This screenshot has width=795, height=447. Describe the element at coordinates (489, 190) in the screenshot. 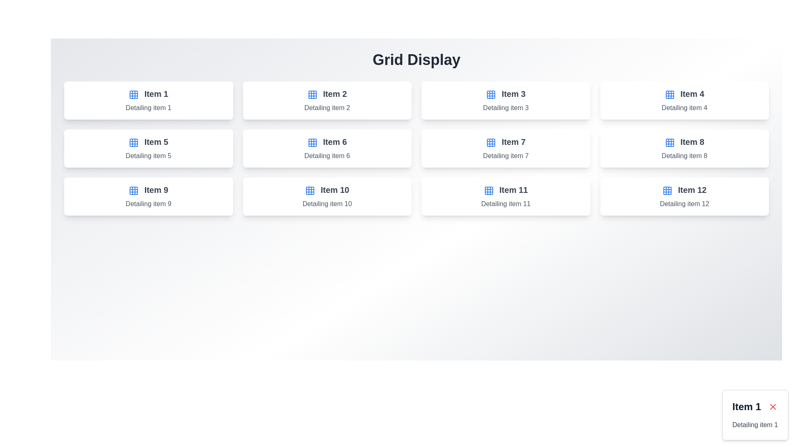

I see `the decorative grid icon associated with 'Item 1'` at that location.